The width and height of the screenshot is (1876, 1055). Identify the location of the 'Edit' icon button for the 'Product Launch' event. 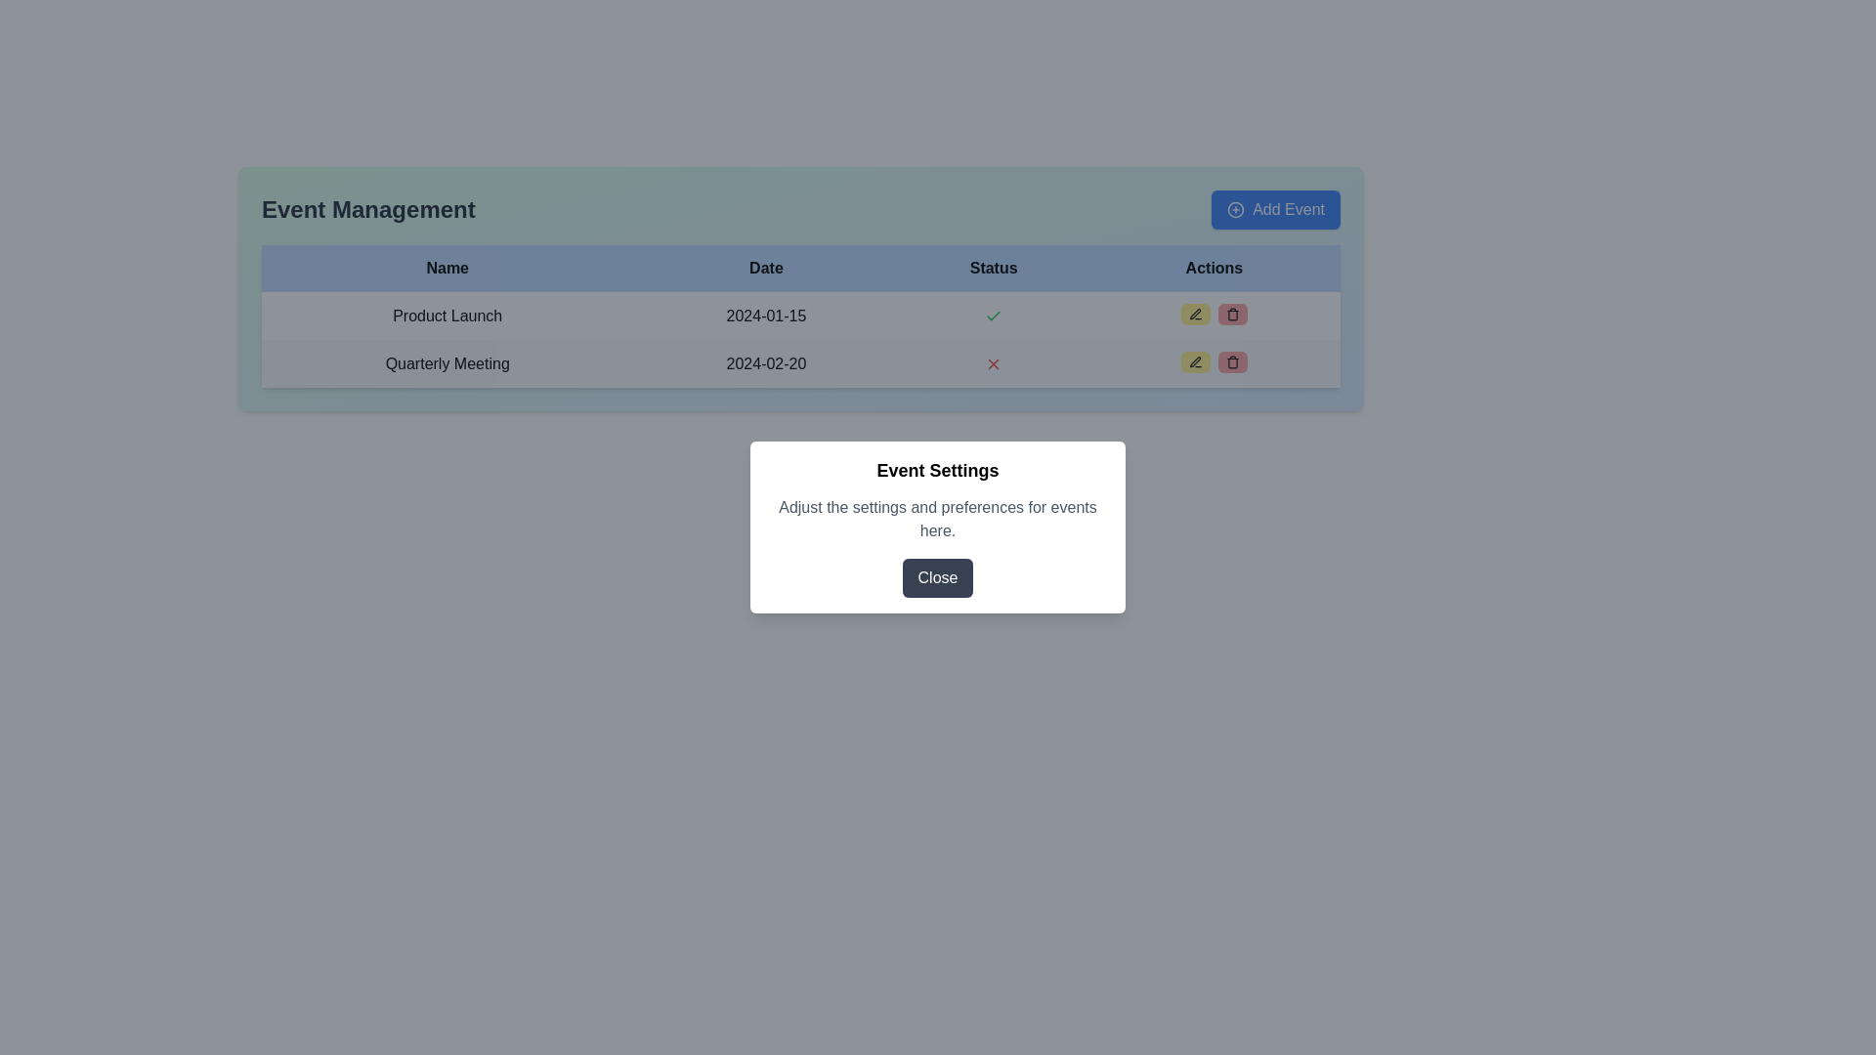
(1195, 313).